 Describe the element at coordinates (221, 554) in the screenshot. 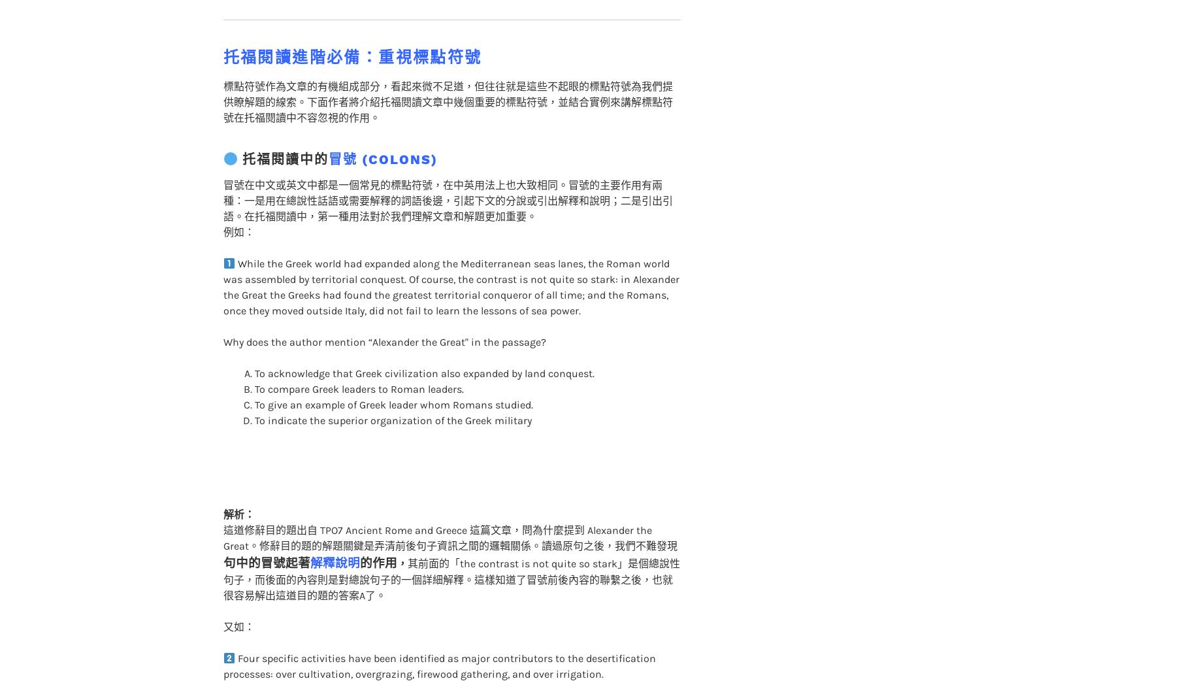

I see `'其前面的「the contrast is not quite so stark」是個總說性句子，而後面的內容則是對總說句子的一個詳細解釋。這樣知道了冒號前後內容的聯繫之後，也就很容易解出這道目的題的答案A了。'` at that location.